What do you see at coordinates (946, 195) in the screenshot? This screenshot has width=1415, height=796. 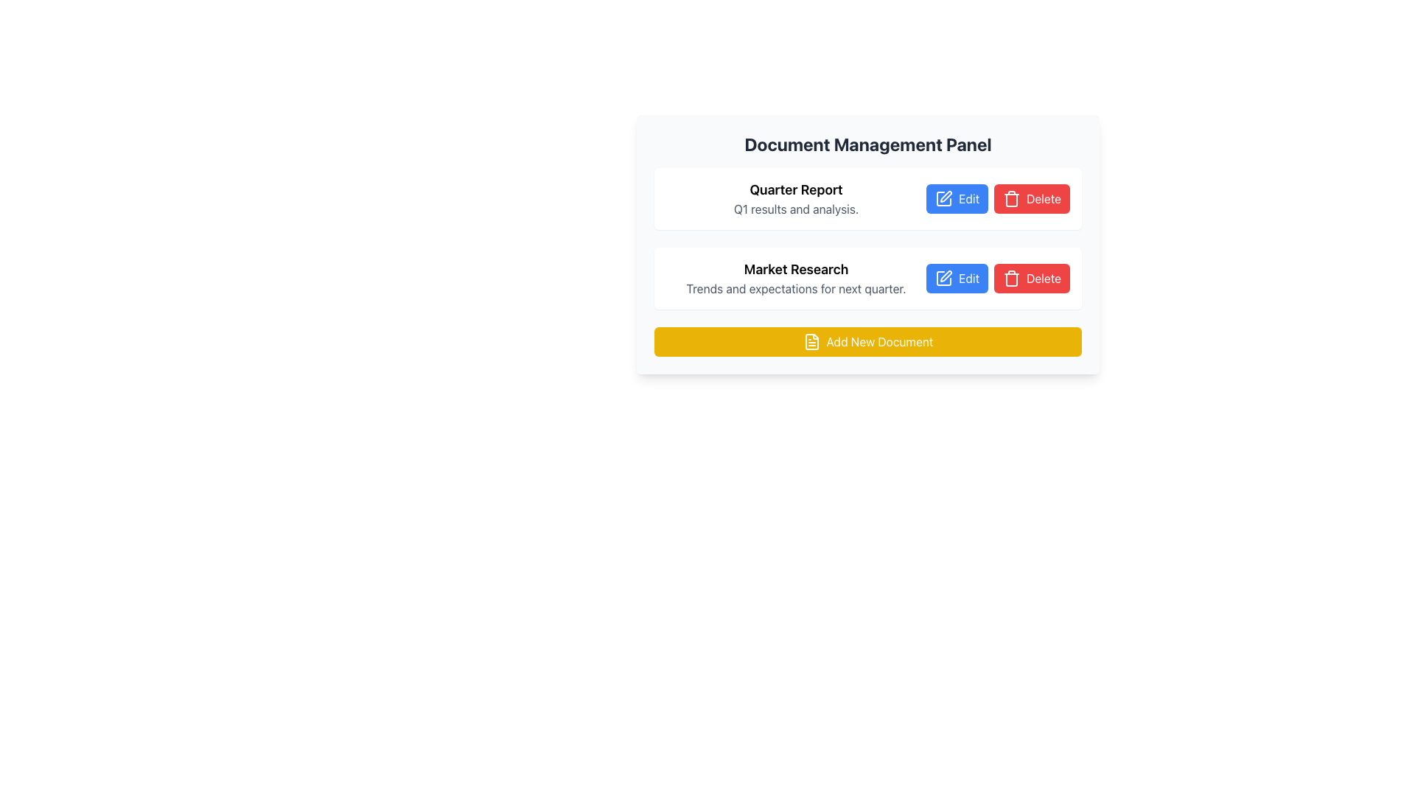 I see `the edit icon located inside the first 'Edit' button under the 'Quarter Report' section` at bounding box center [946, 195].